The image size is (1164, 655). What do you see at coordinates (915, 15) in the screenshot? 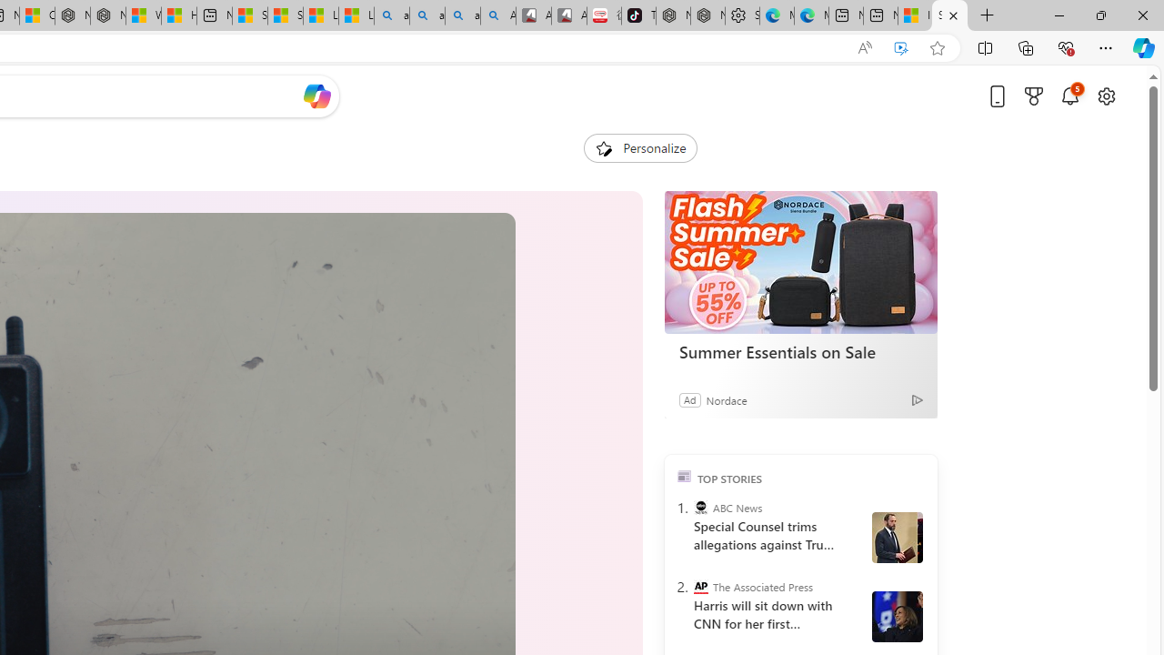
I see `'I Gained 20 Pounds of Muscle in 30 Days! | Watch'` at bounding box center [915, 15].